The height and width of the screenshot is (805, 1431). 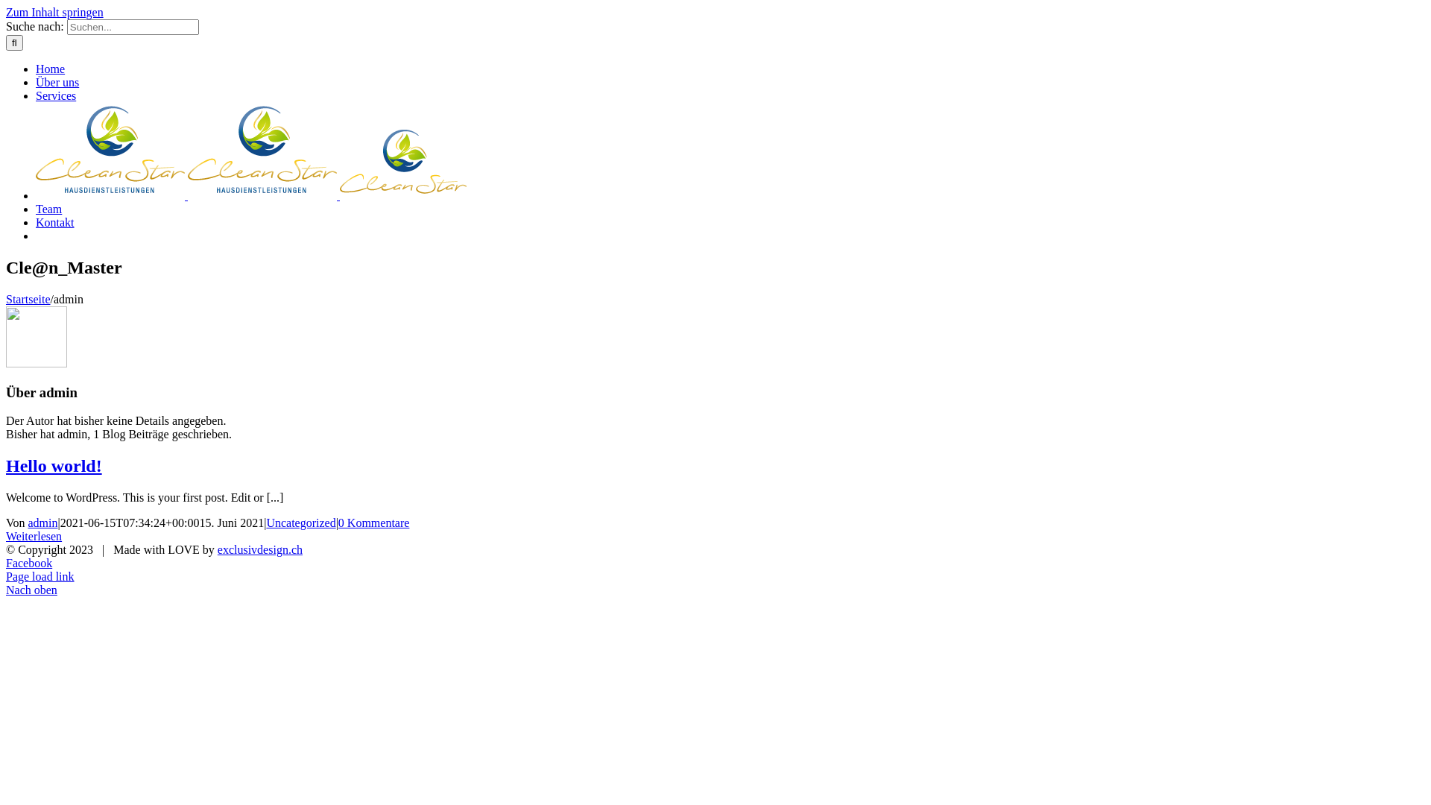 What do you see at coordinates (28, 563) in the screenshot?
I see `'Facebook'` at bounding box center [28, 563].